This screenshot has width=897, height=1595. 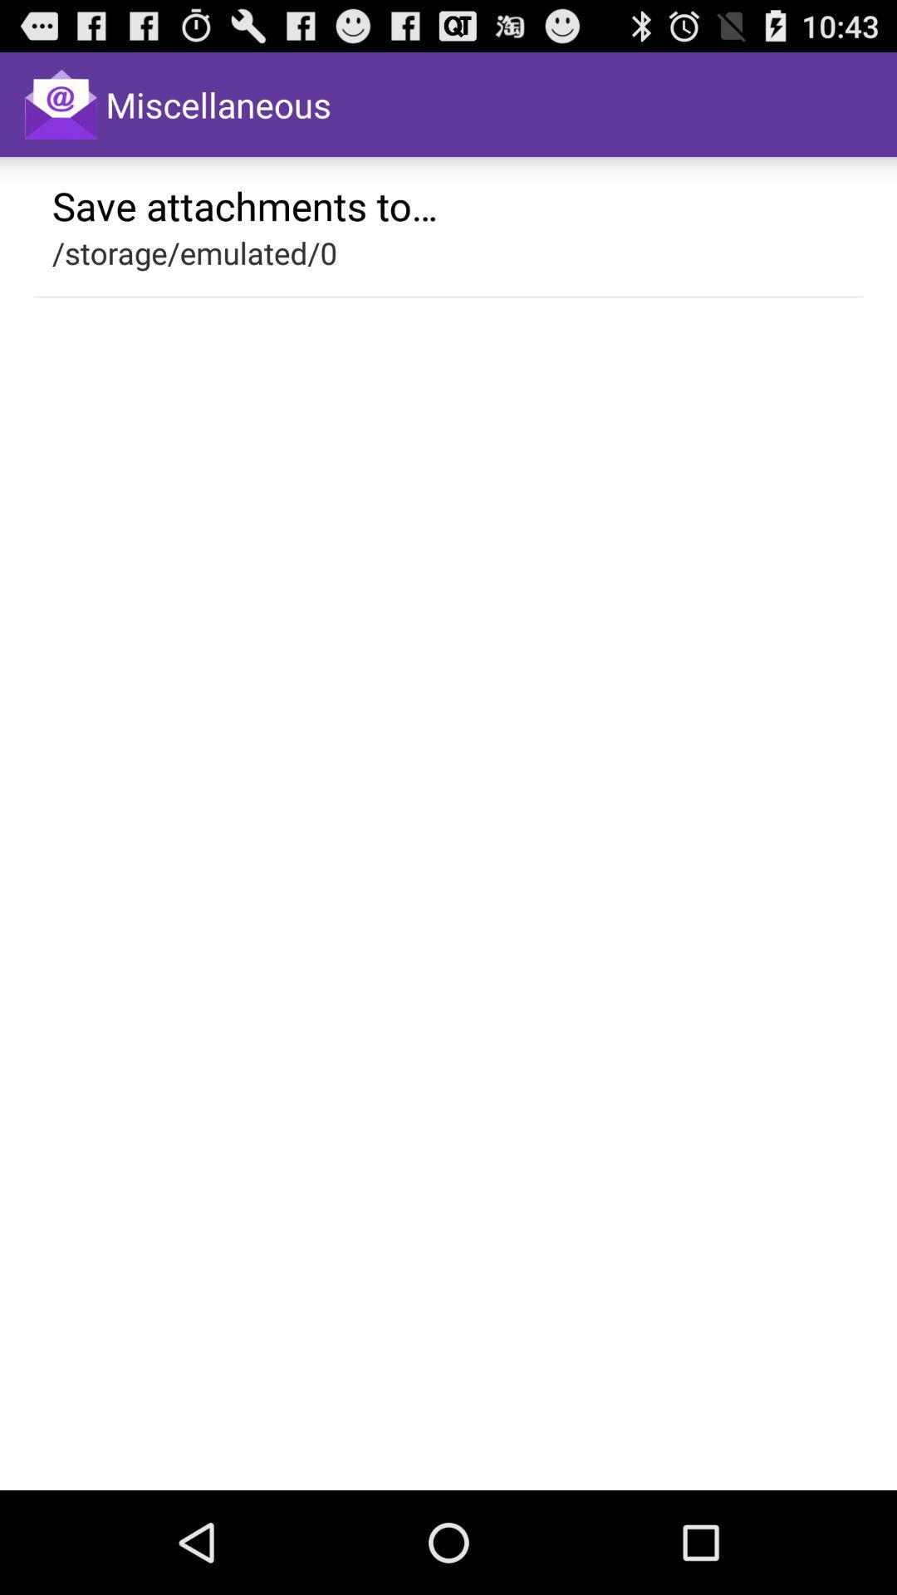 I want to click on the /storage/emulated/0 item, so click(x=194, y=252).